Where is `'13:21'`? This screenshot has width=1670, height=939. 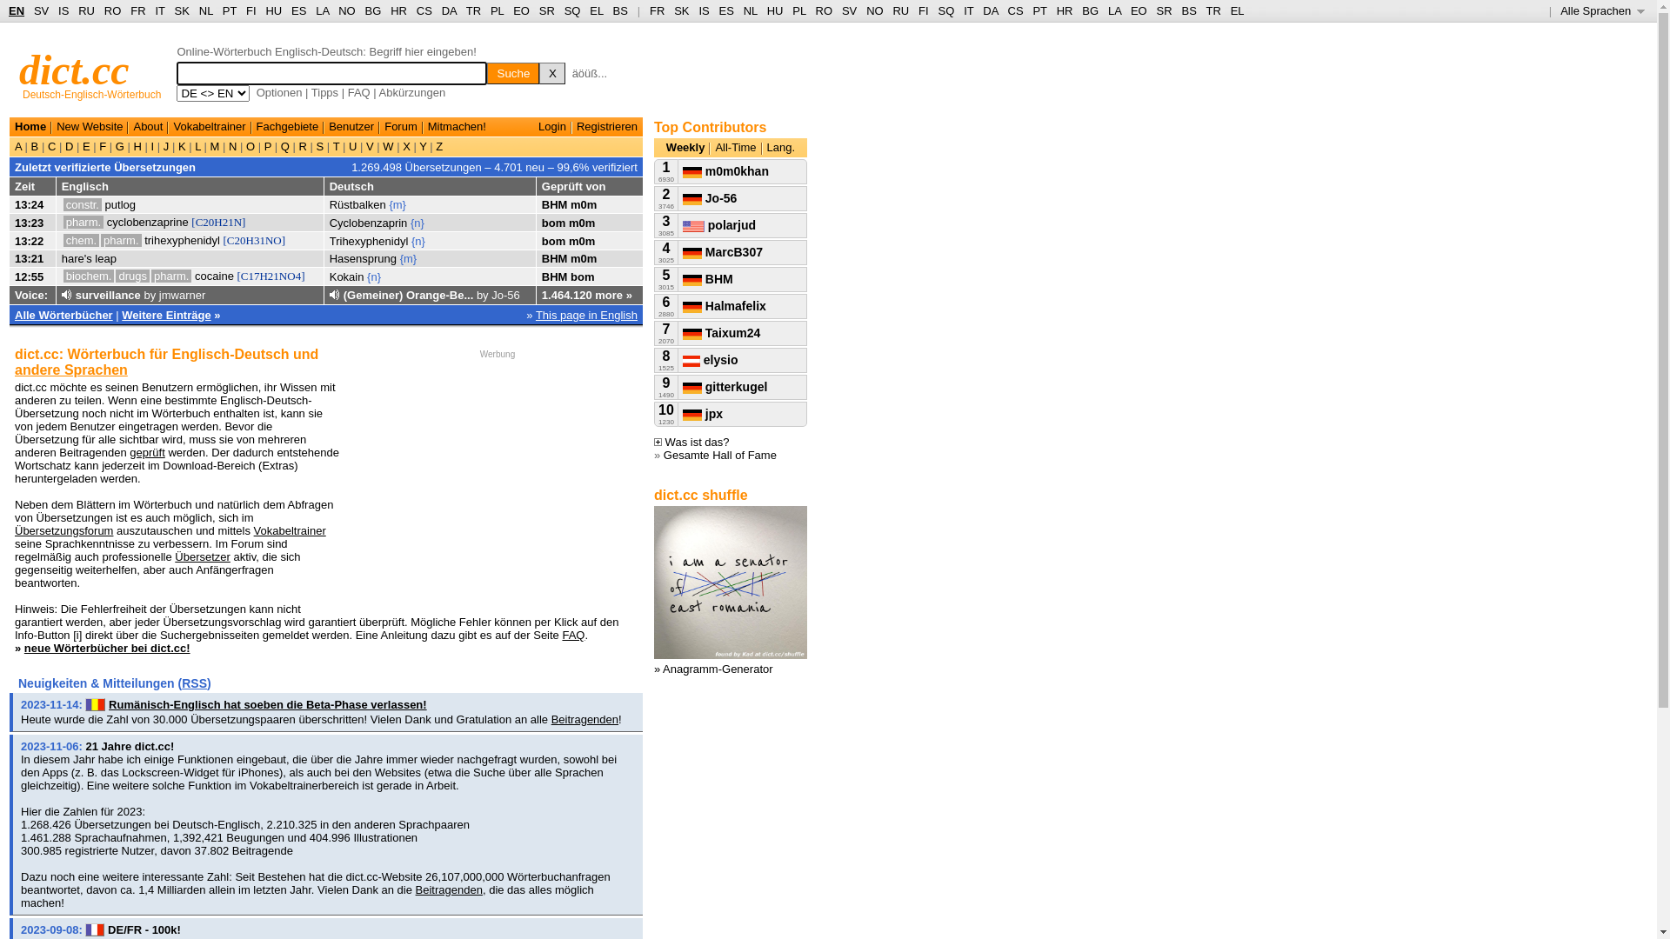 '13:21' is located at coordinates (29, 258).